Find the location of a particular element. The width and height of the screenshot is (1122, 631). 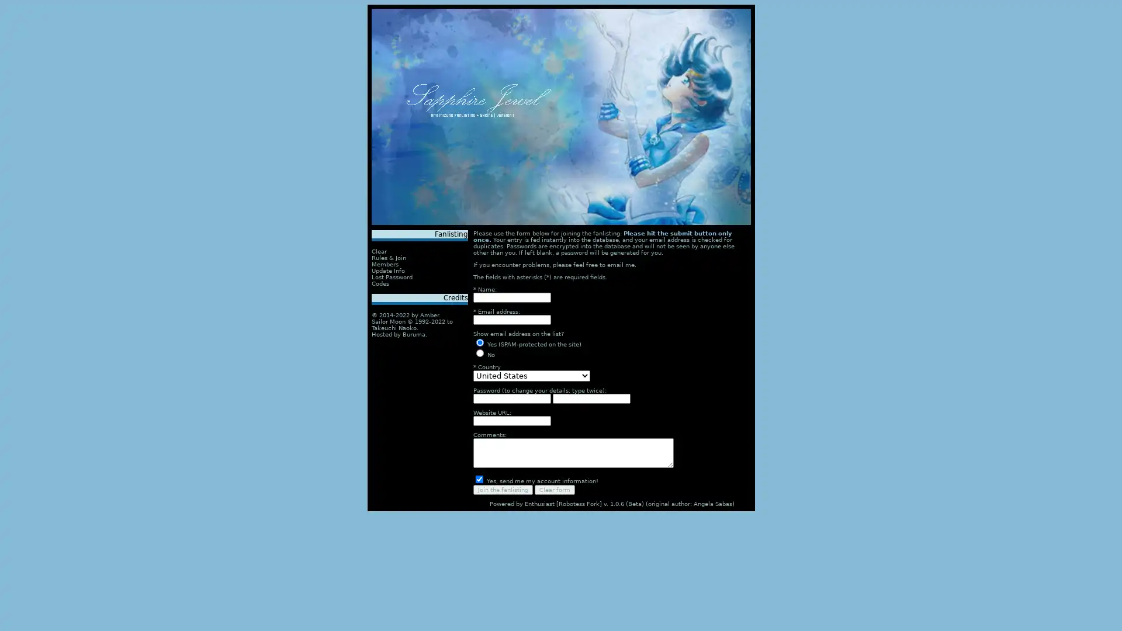

Clear form is located at coordinates (554, 490).